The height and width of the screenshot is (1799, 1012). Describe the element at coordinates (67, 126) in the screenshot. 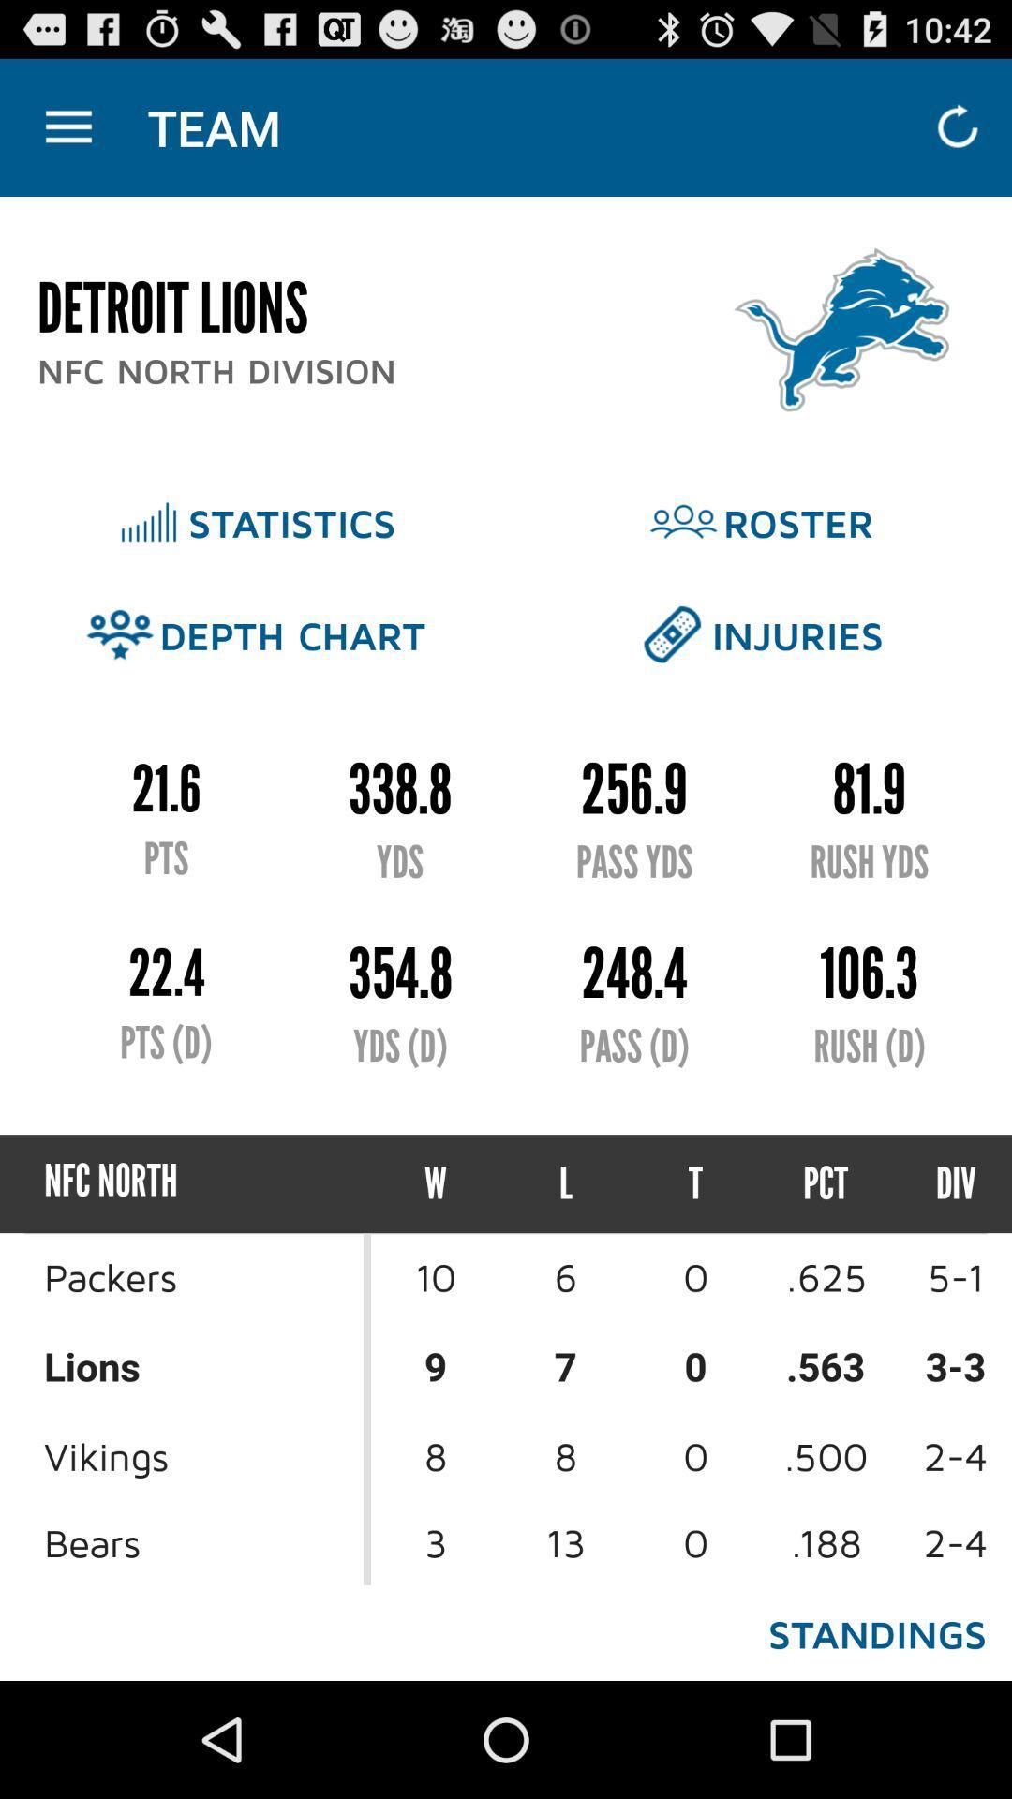

I see `the item to the left of team item` at that location.